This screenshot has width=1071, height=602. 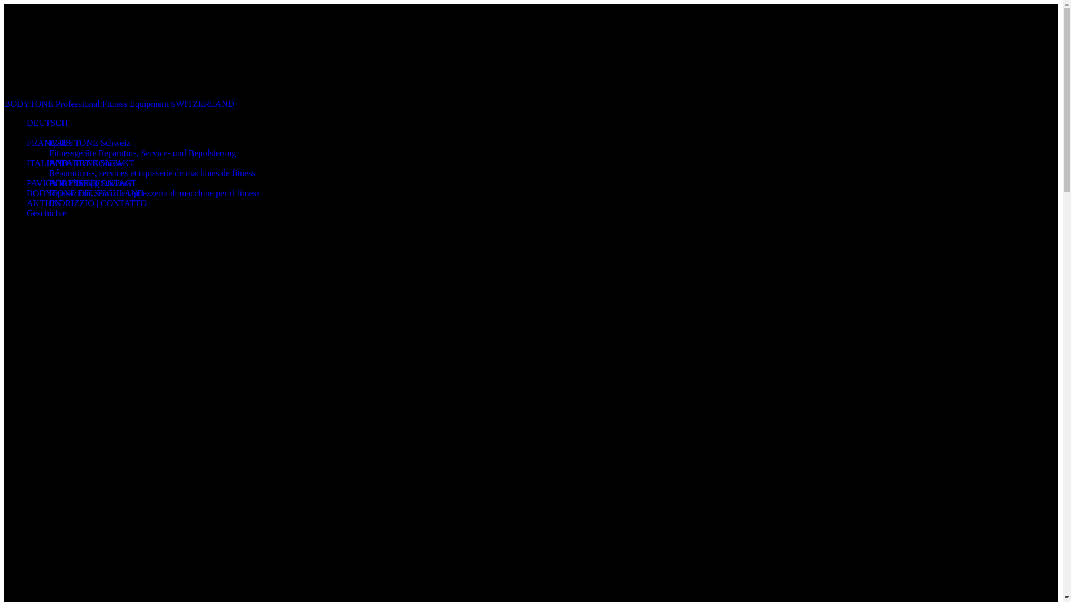 What do you see at coordinates (48, 182) in the screenshot?
I see `'BODYTONE Svizzera'` at bounding box center [48, 182].